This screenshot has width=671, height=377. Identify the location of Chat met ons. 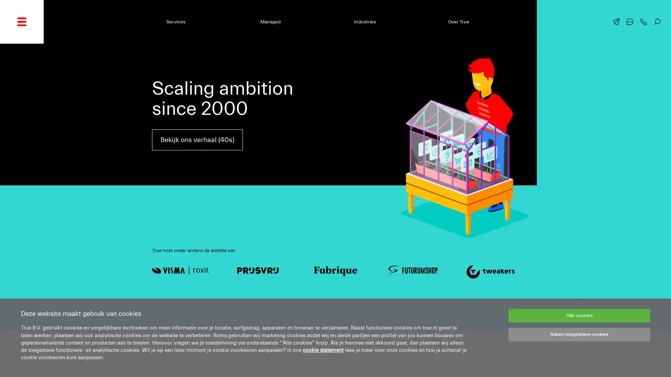
(633, 21).